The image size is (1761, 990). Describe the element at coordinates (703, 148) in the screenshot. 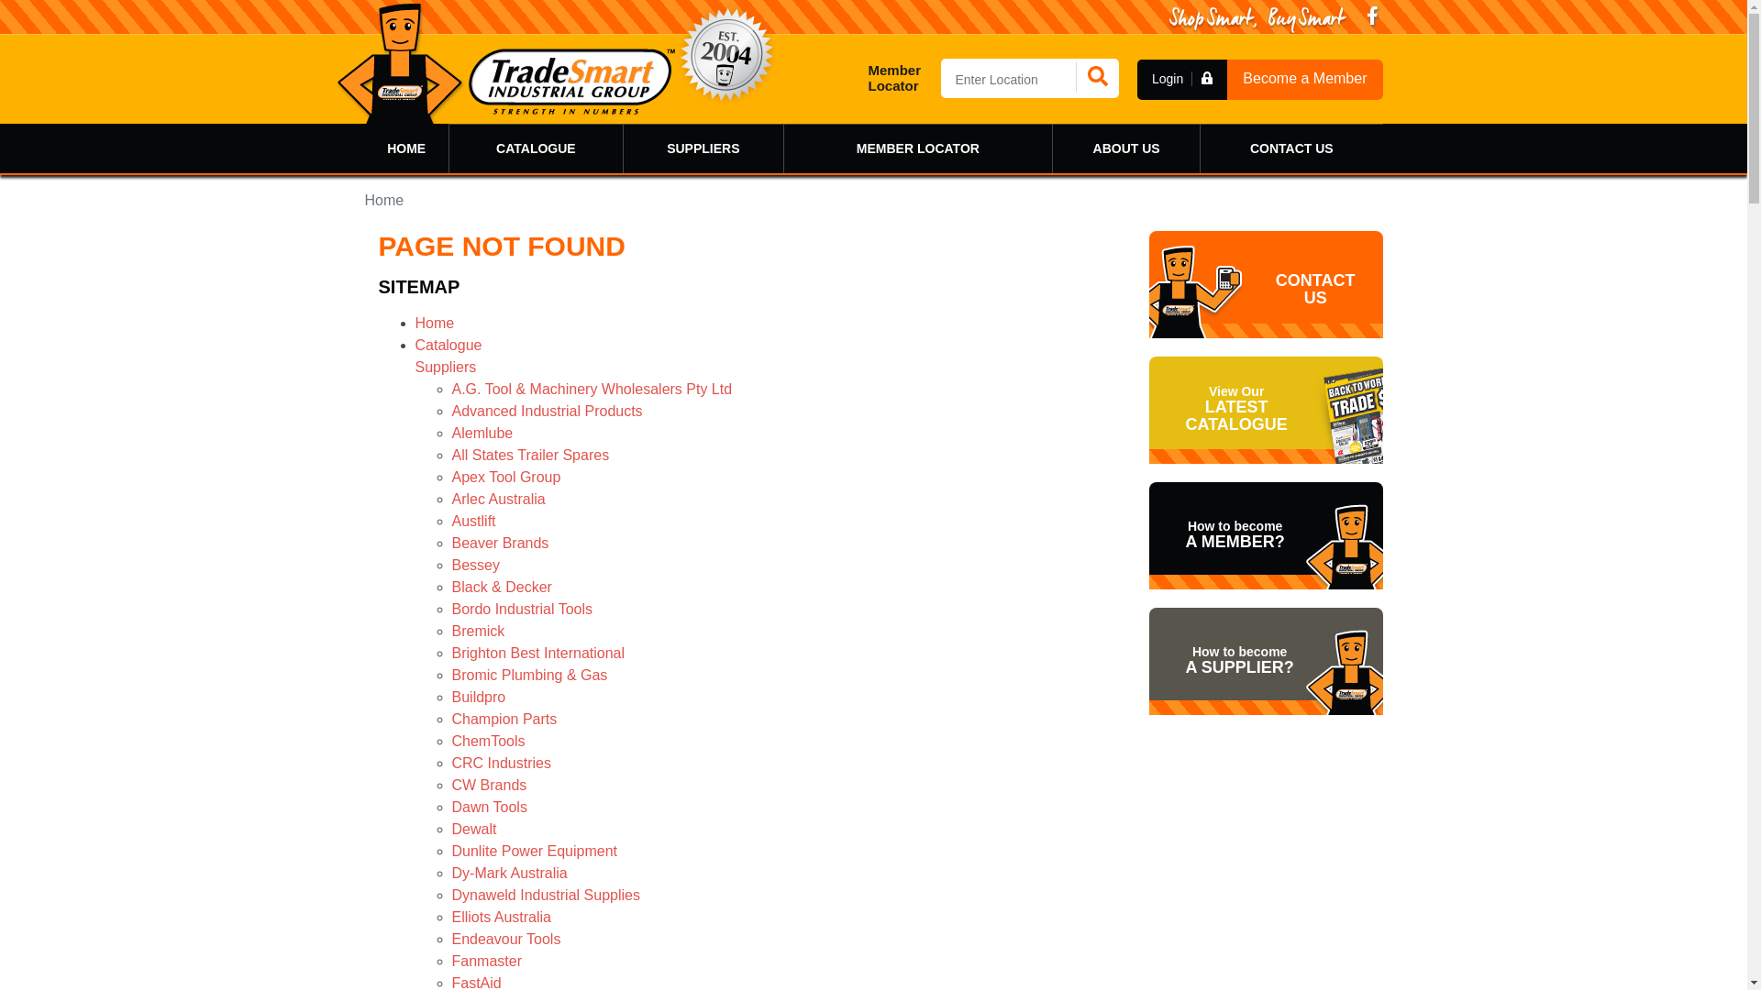

I see `'SUPPLIERS'` at that location.